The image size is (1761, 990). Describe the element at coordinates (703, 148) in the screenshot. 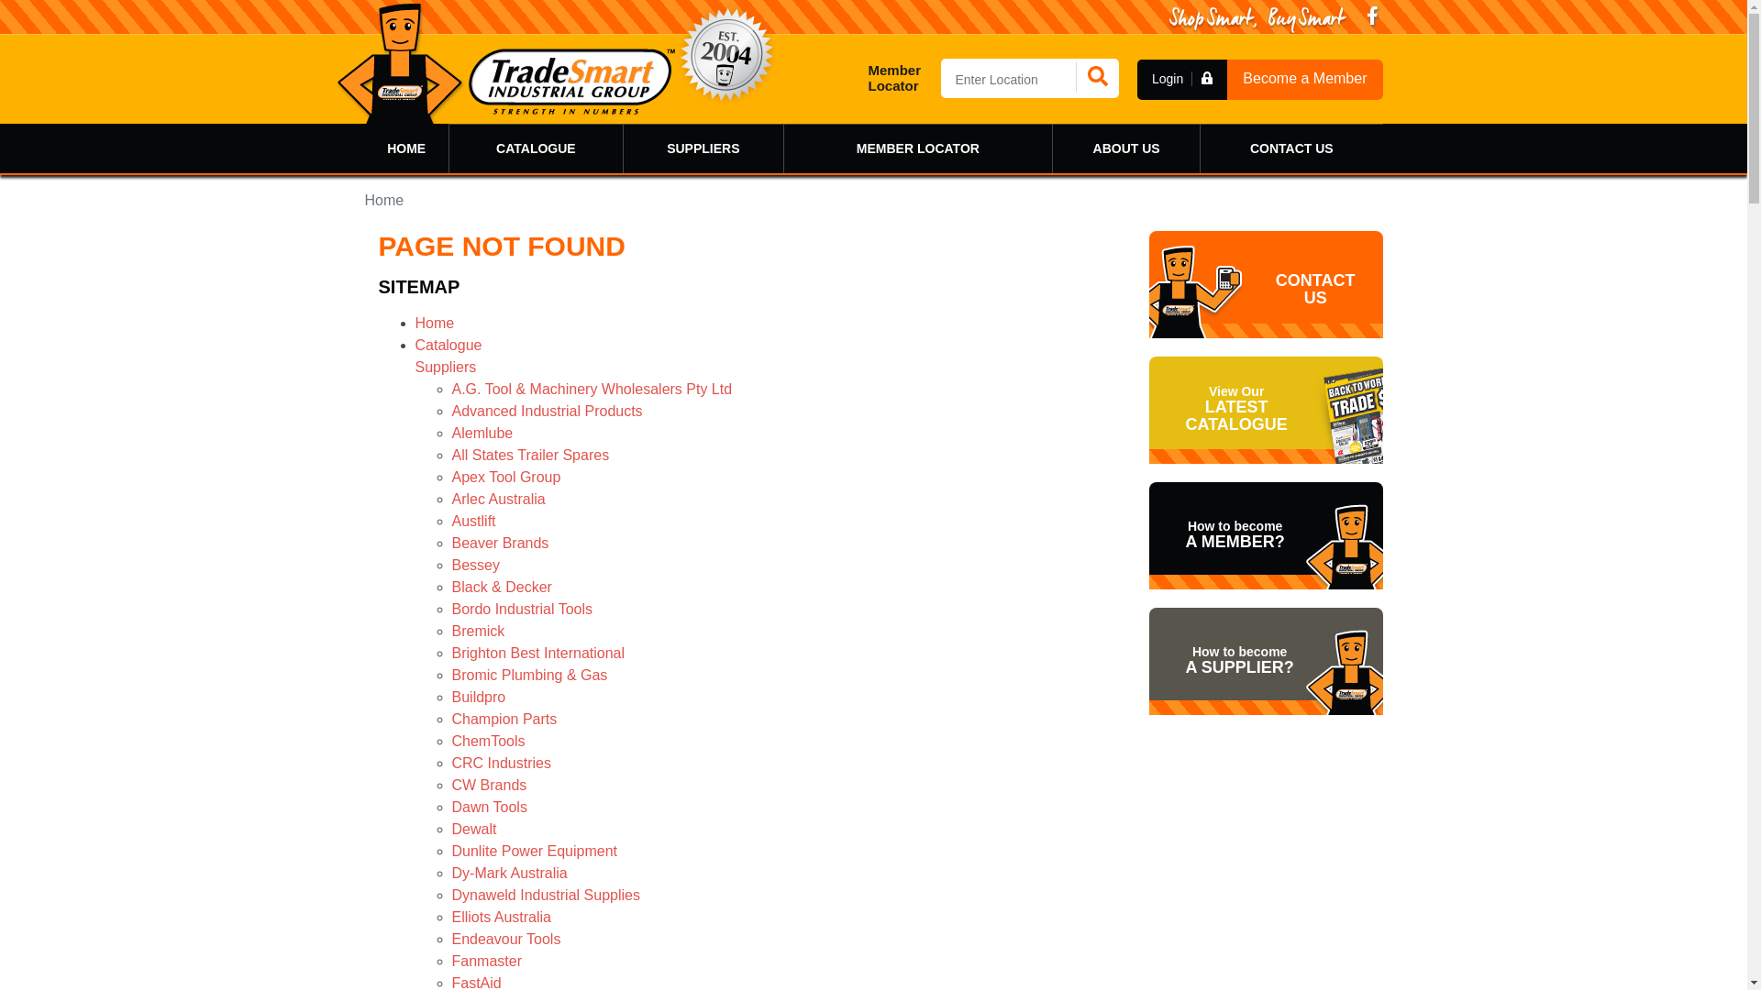

I see `'SUPPLIERS'` at that location.